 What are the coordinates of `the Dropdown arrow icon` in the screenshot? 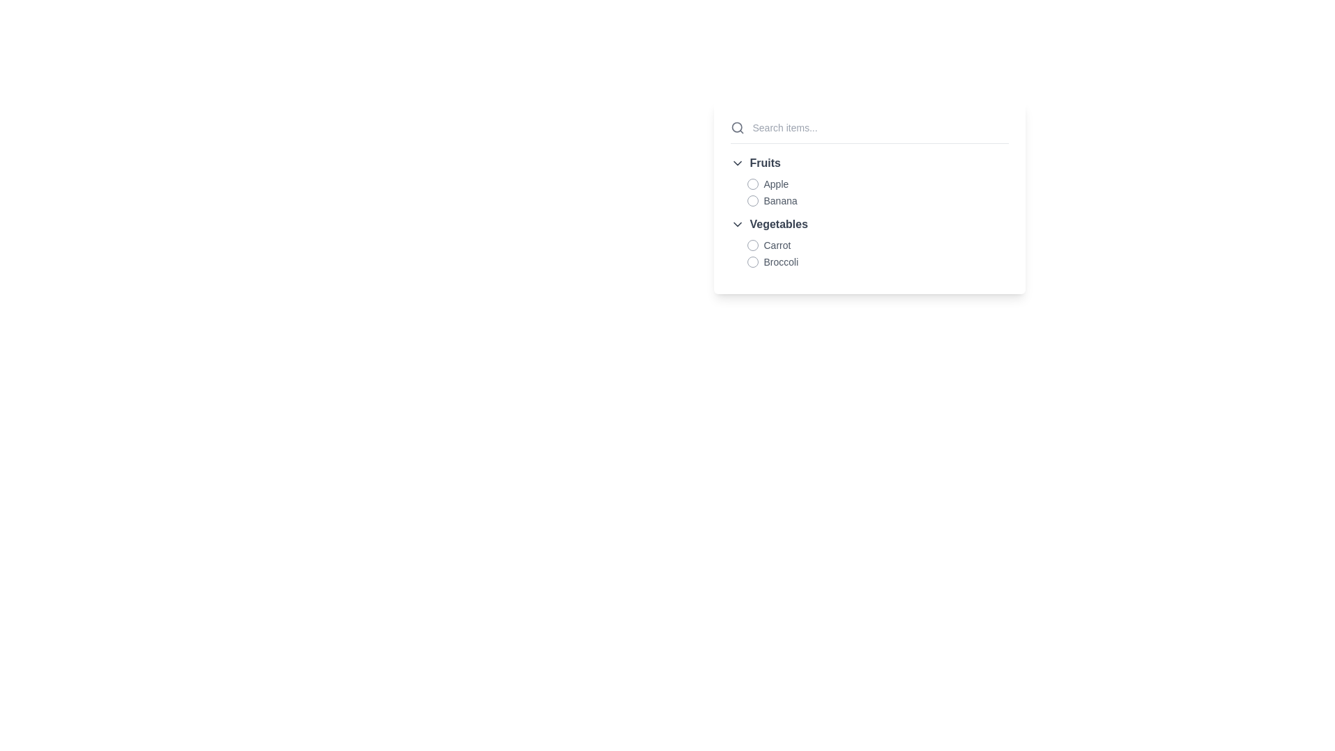 It's located at (736, 224).